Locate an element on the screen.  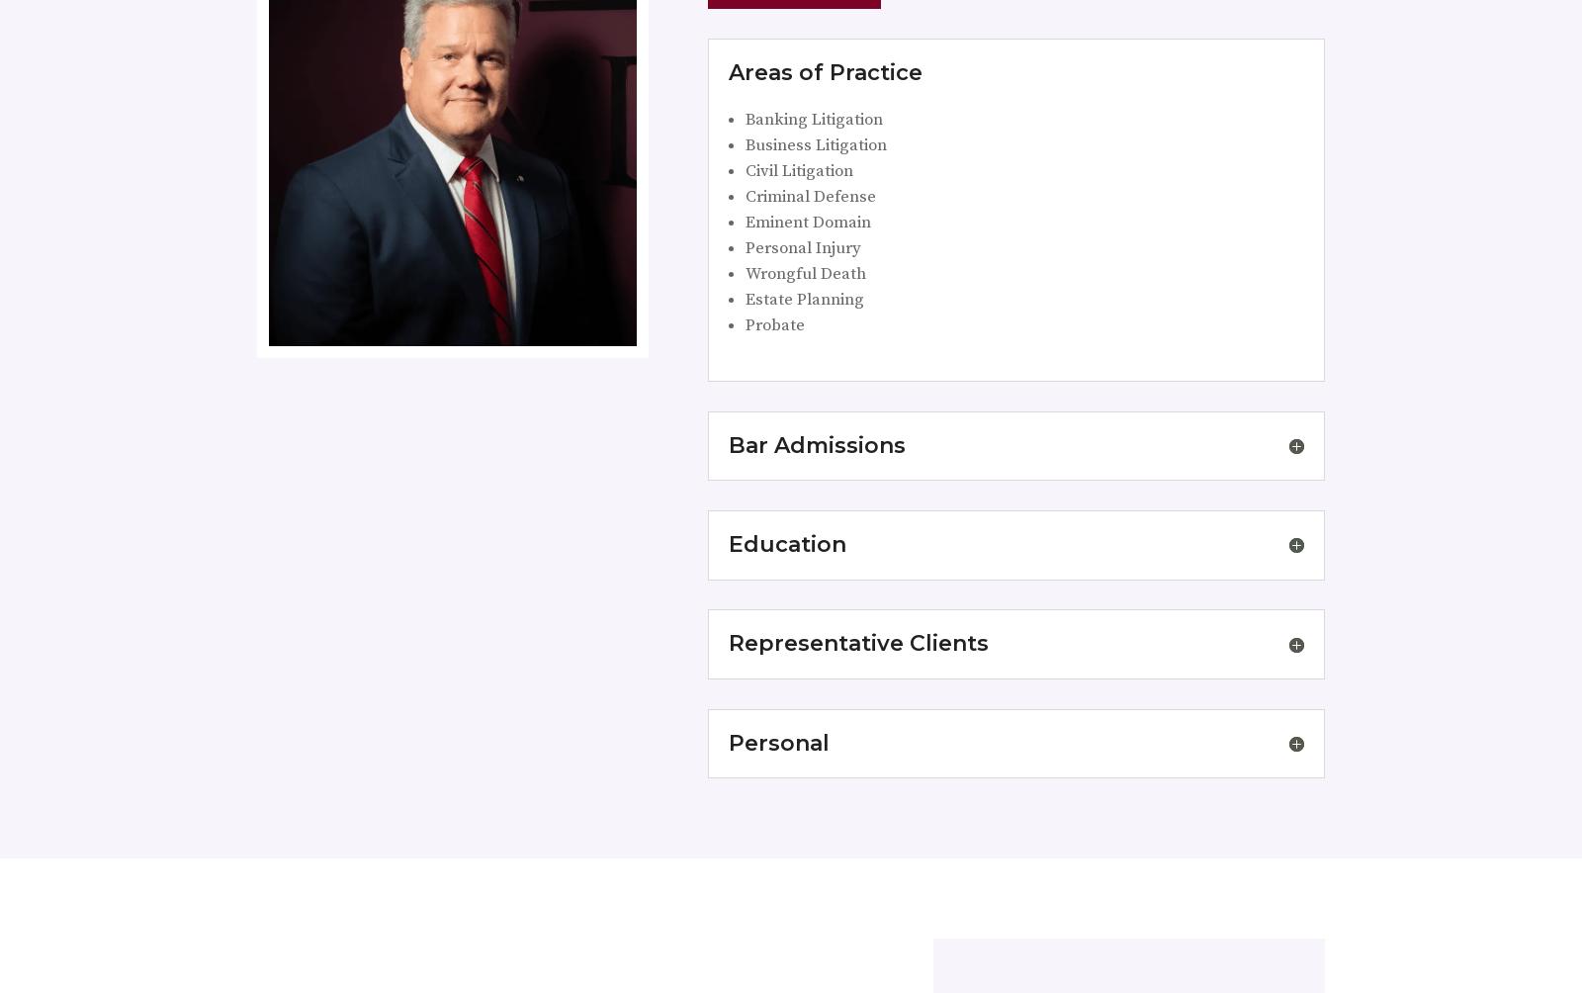
'Eminent Domain' is located at coordinates (806, 221).